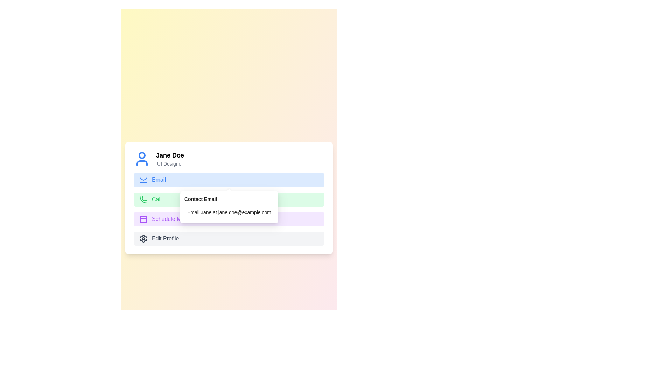 Image resolution: width=672 pixels, height=378 pixels. I want to click on the text label displaying 'Call' in green, located to the right of a telephone icon within a green rectangular area in the contact options section, so click(156, 199).